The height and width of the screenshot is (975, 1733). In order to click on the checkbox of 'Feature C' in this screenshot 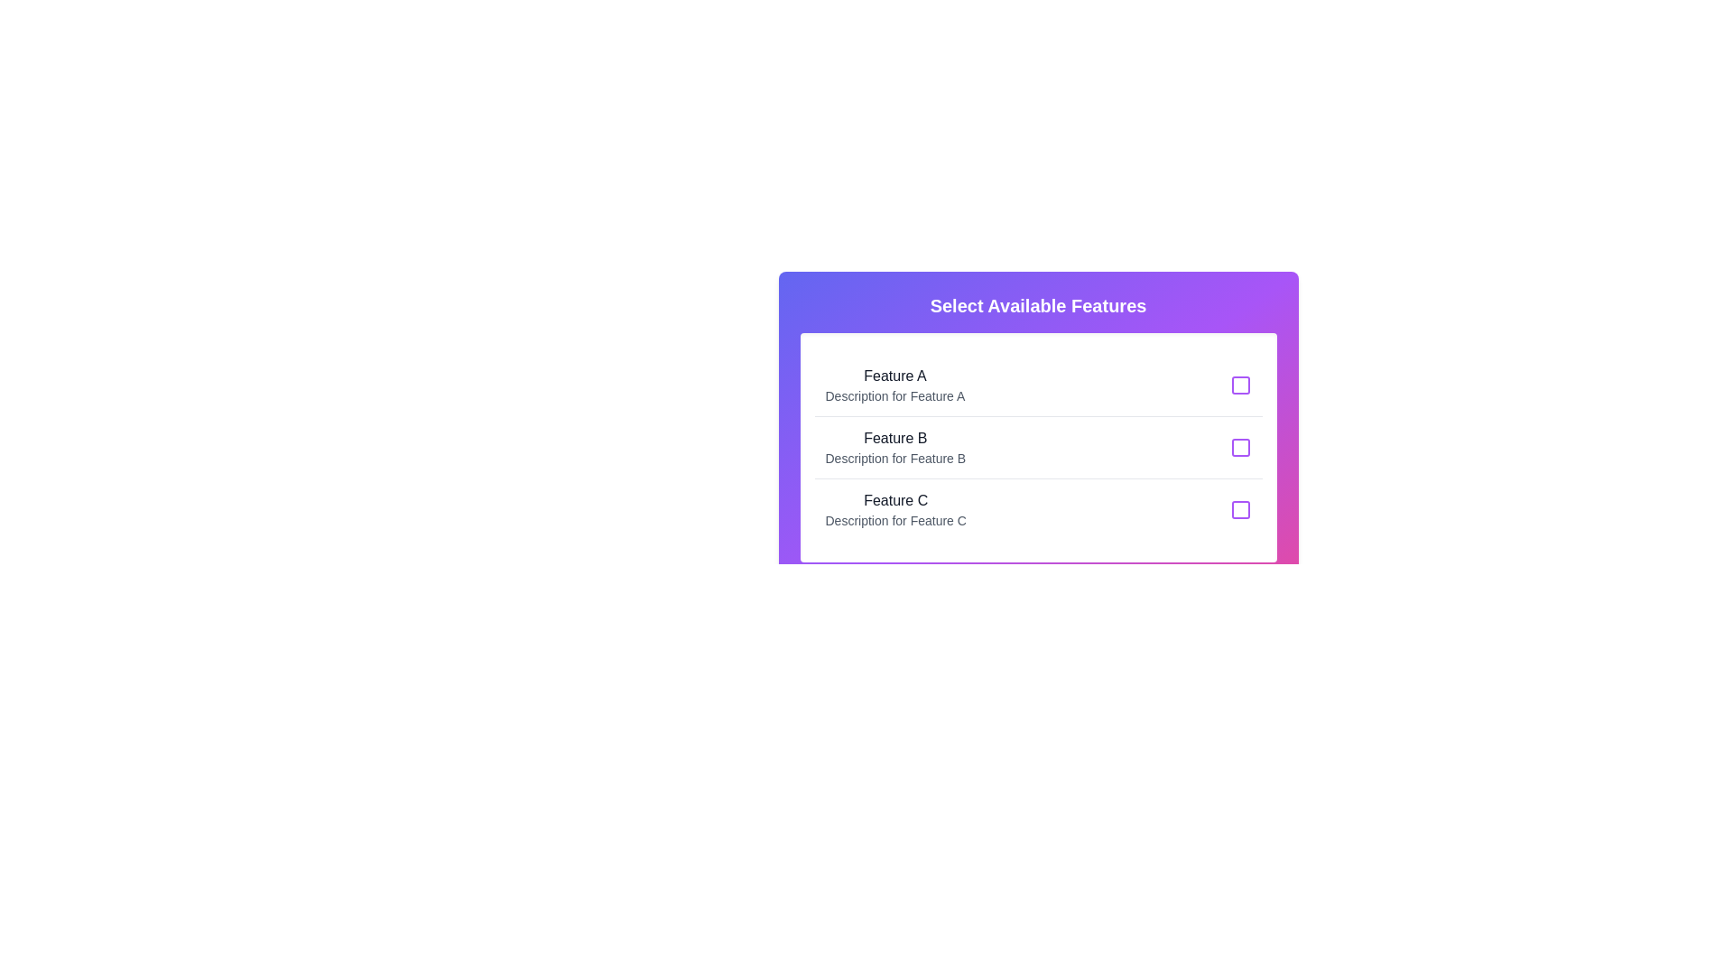, I will do `click(1038, 509)`.